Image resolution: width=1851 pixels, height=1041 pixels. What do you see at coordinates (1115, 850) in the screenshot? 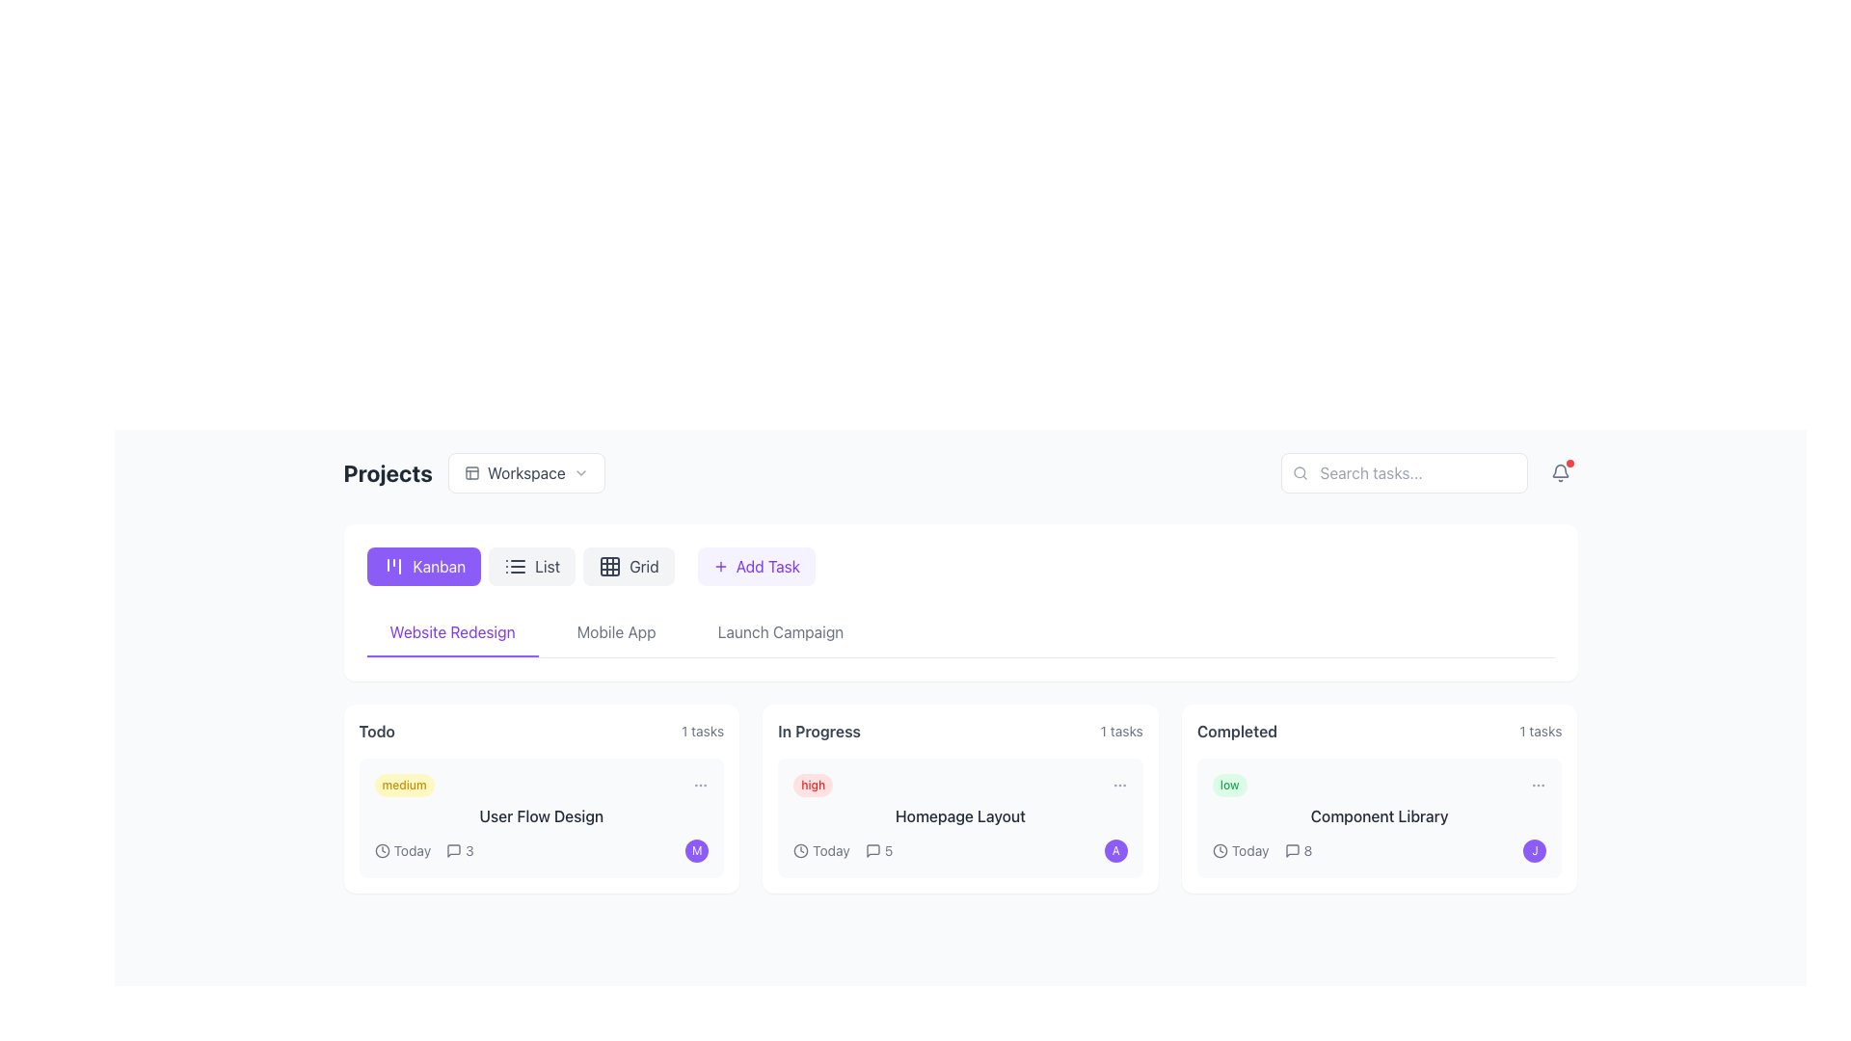
I see `the Badge indicator located on the right side of the 'Homepage Layout' card under the 'In Progress' category` at bounding box center [1115, 850].